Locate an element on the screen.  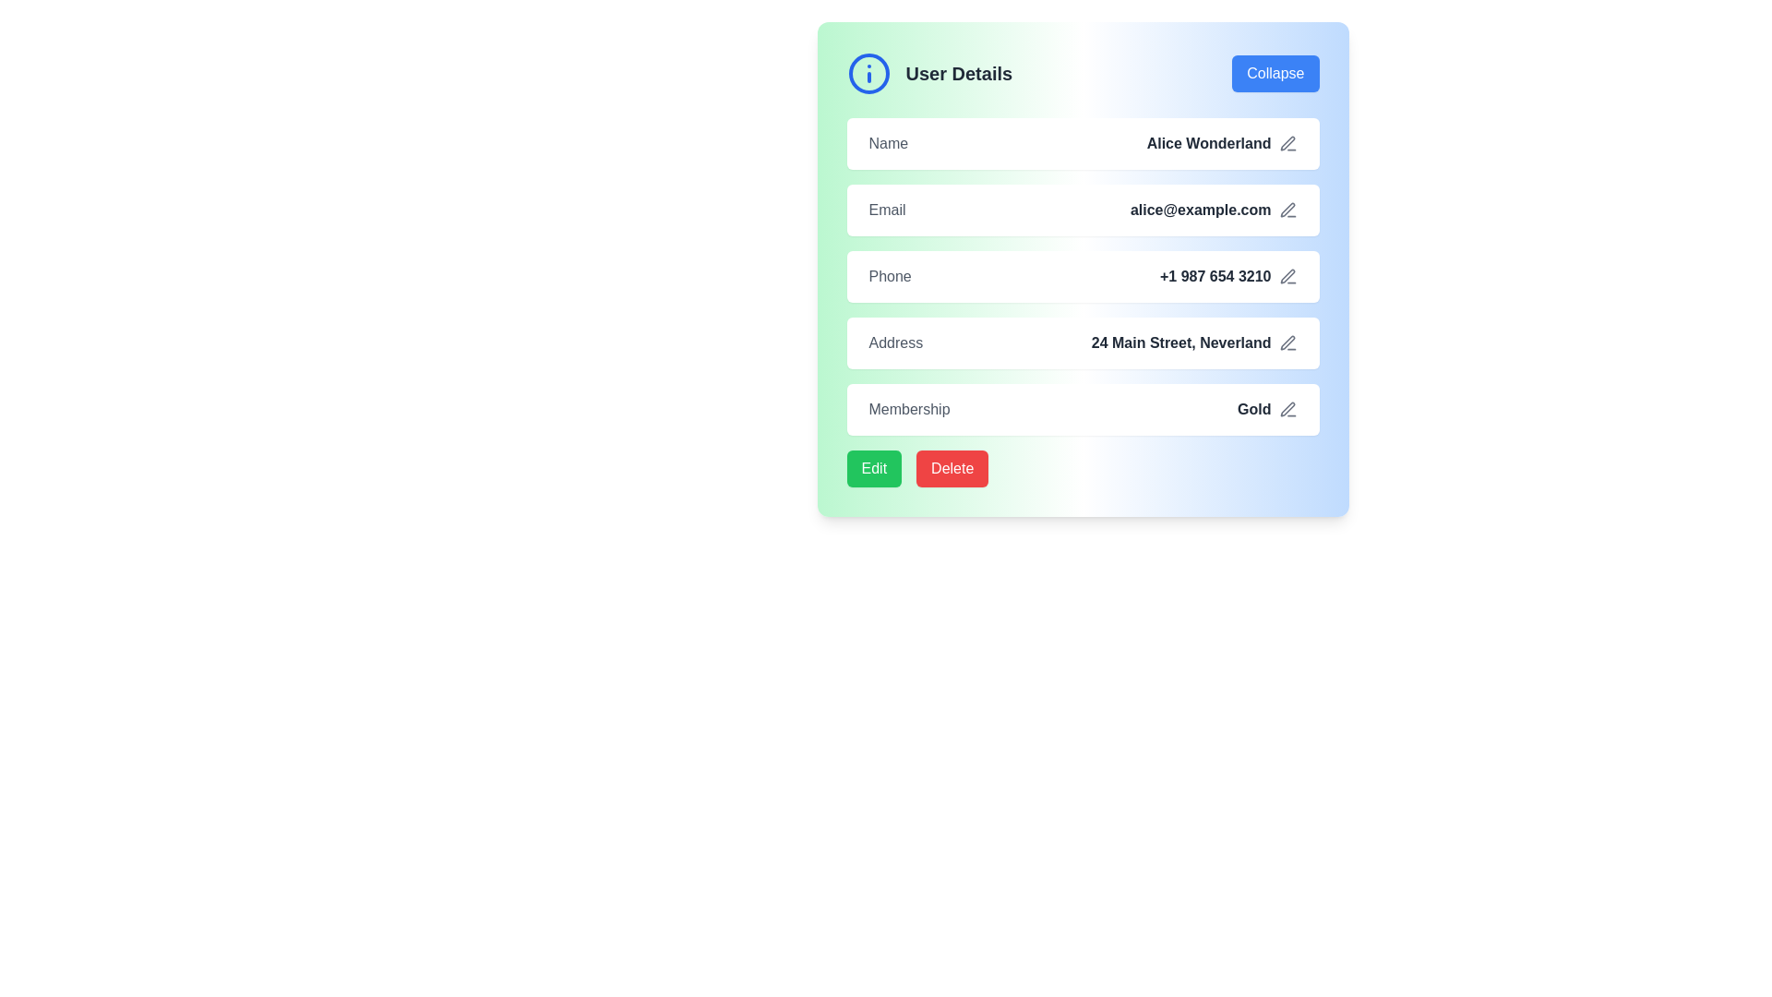
the small pen icon located to the right of the phone number '+1 987 654 3210' in the 'User Details' interface to trigger visual feedback is located at coordinates (1287, 277).